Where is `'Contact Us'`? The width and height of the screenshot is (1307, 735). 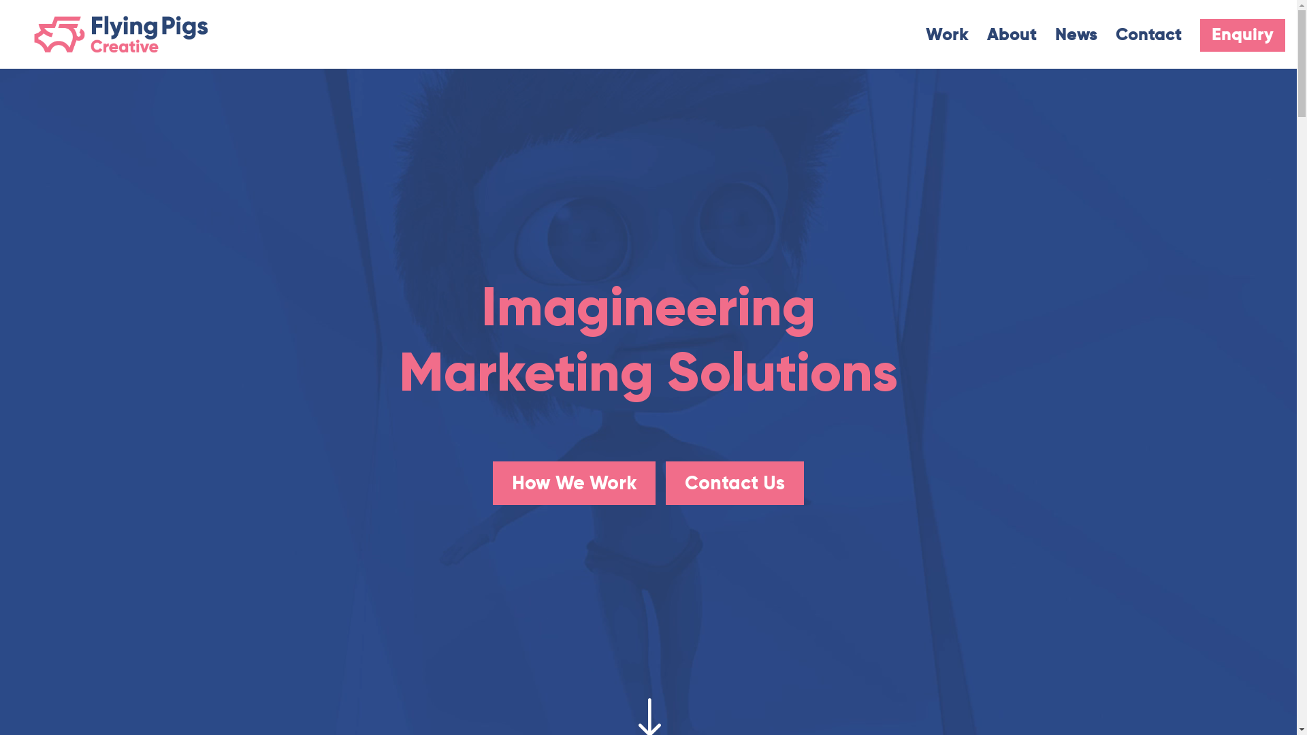
'Contact Us' is located at coordinates (734, 482).